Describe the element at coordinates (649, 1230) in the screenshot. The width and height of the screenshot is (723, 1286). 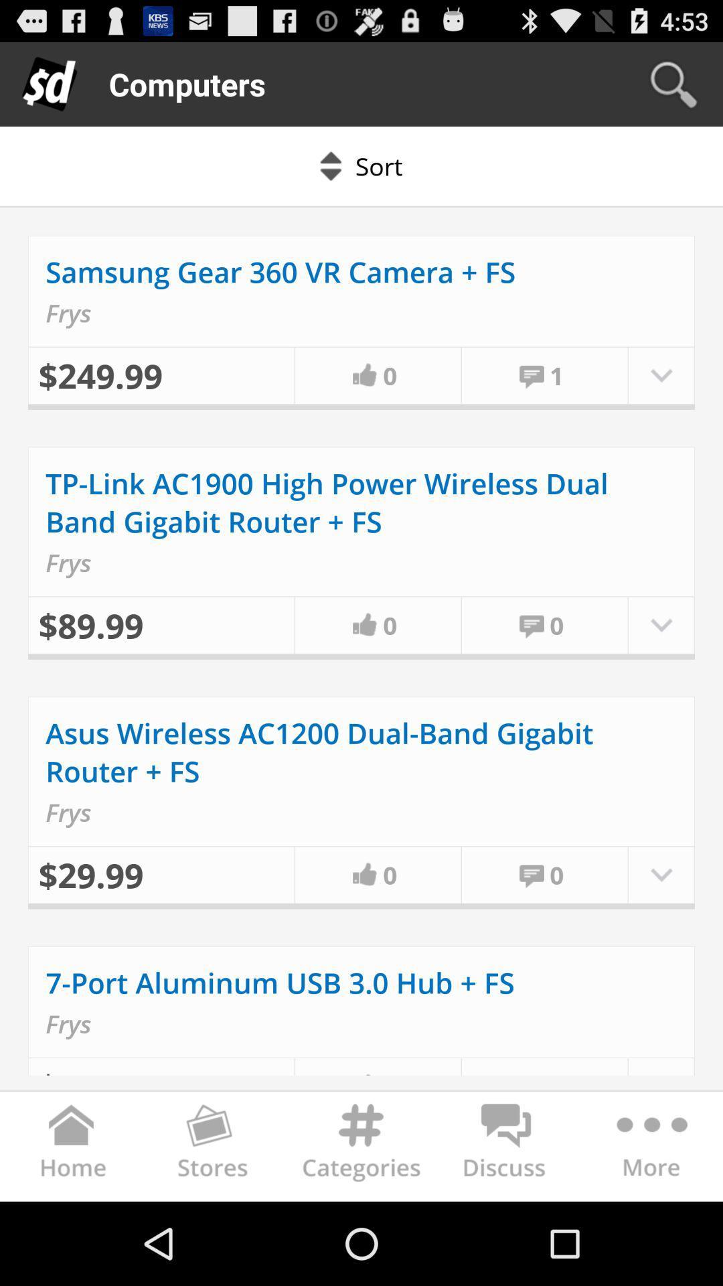
I see `the more icon` at that location.